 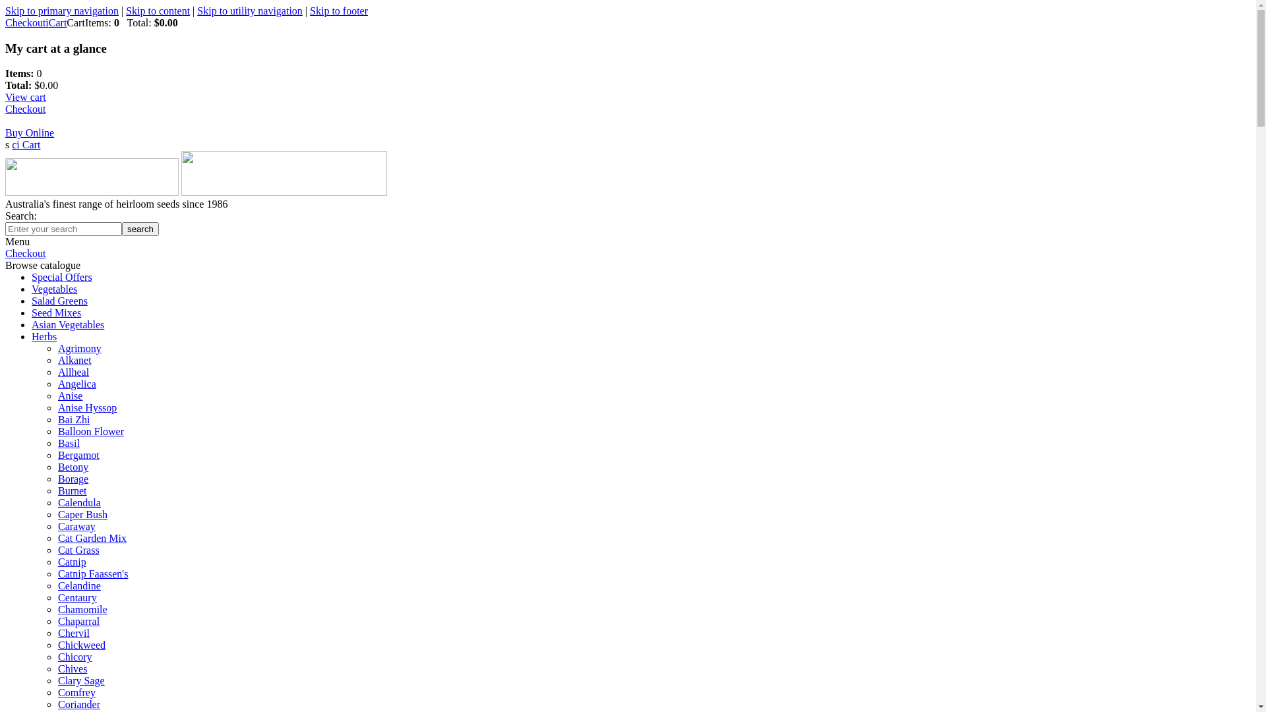 What do you see at coordinates (78, 703) in the screenshot?
I see `'Coriander'` at bounding box center [78, 703].